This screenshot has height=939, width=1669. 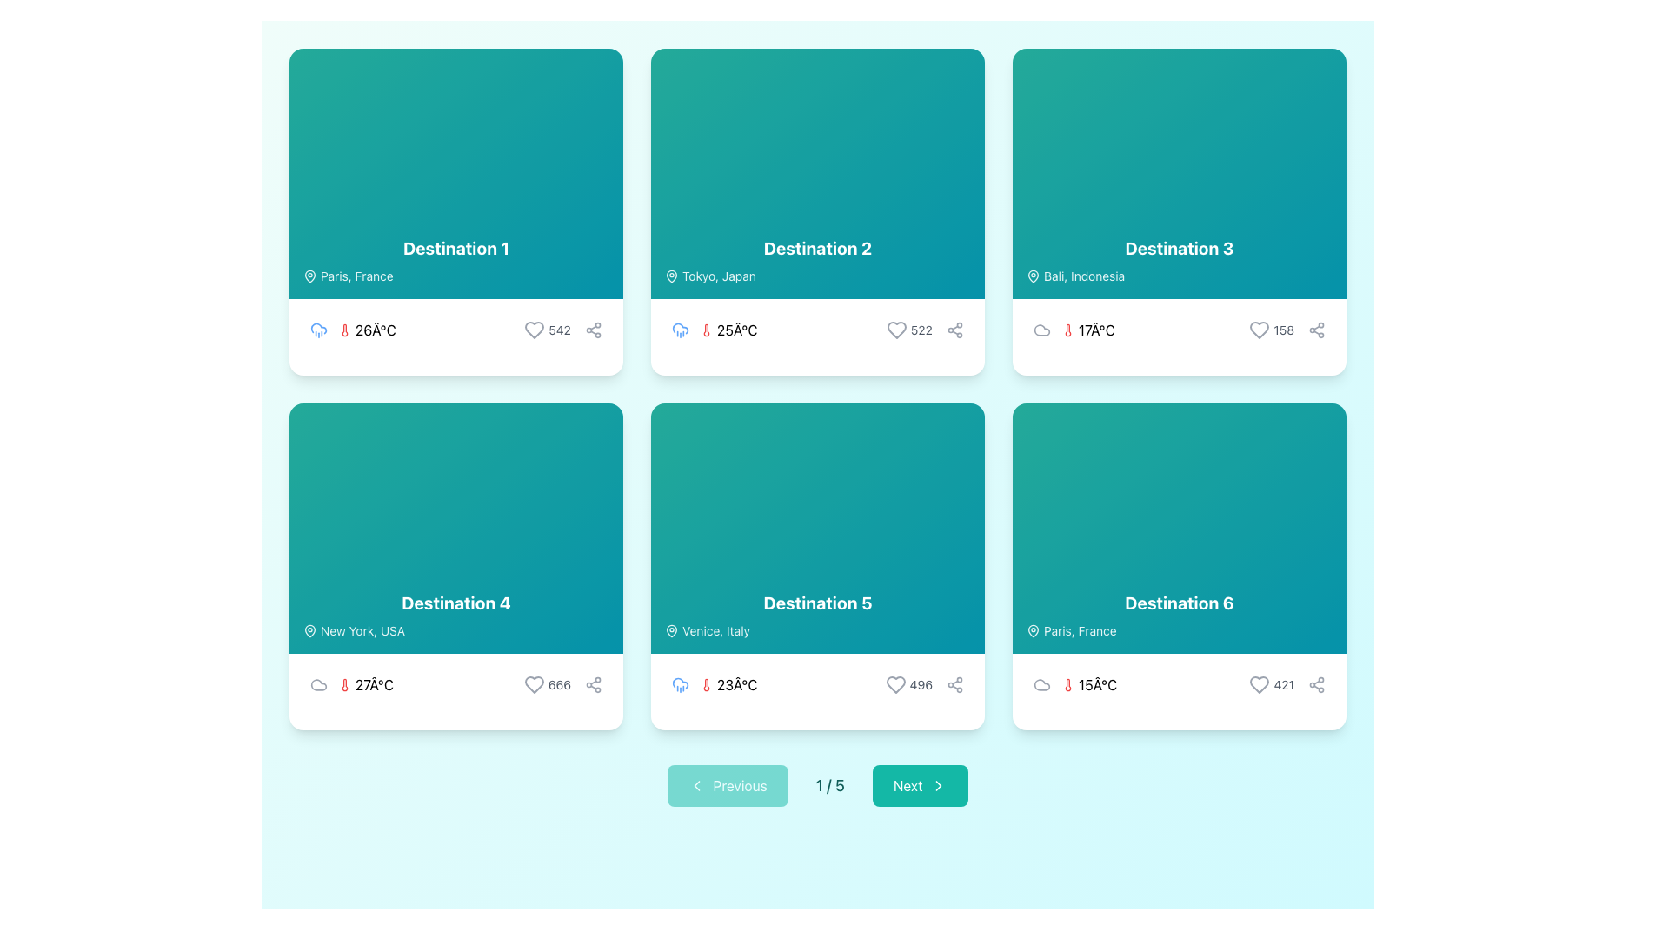 I want to click on the numeric value '421' displayed in a small, light gray font, located in the lower right corner of the sixth content card, between a heart icon and a sharing icon, so click(x=1287, y=683).